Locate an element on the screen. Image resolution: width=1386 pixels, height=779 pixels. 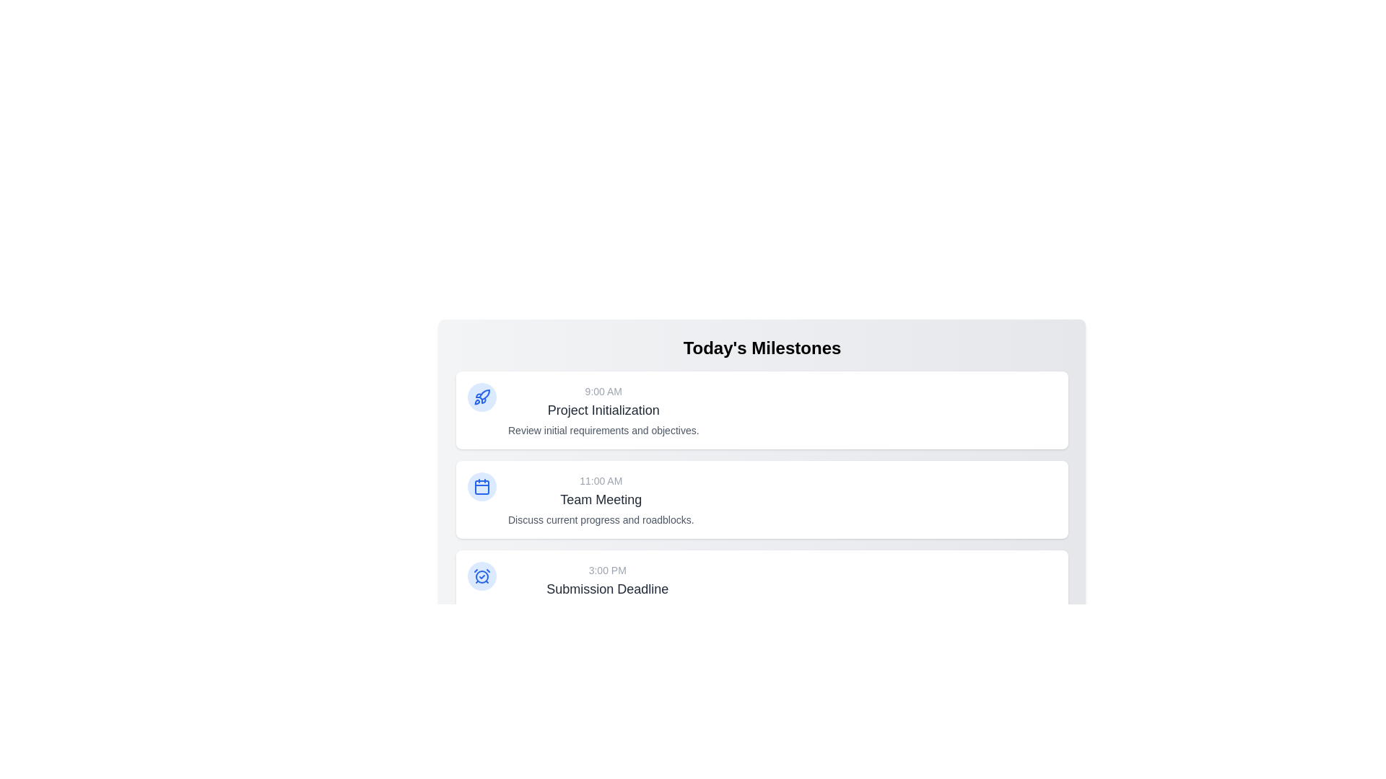
the second milestone card in the 'Today's Milestones' section, which displays details about a team meeting milestone is located at coordinates (762, 505).